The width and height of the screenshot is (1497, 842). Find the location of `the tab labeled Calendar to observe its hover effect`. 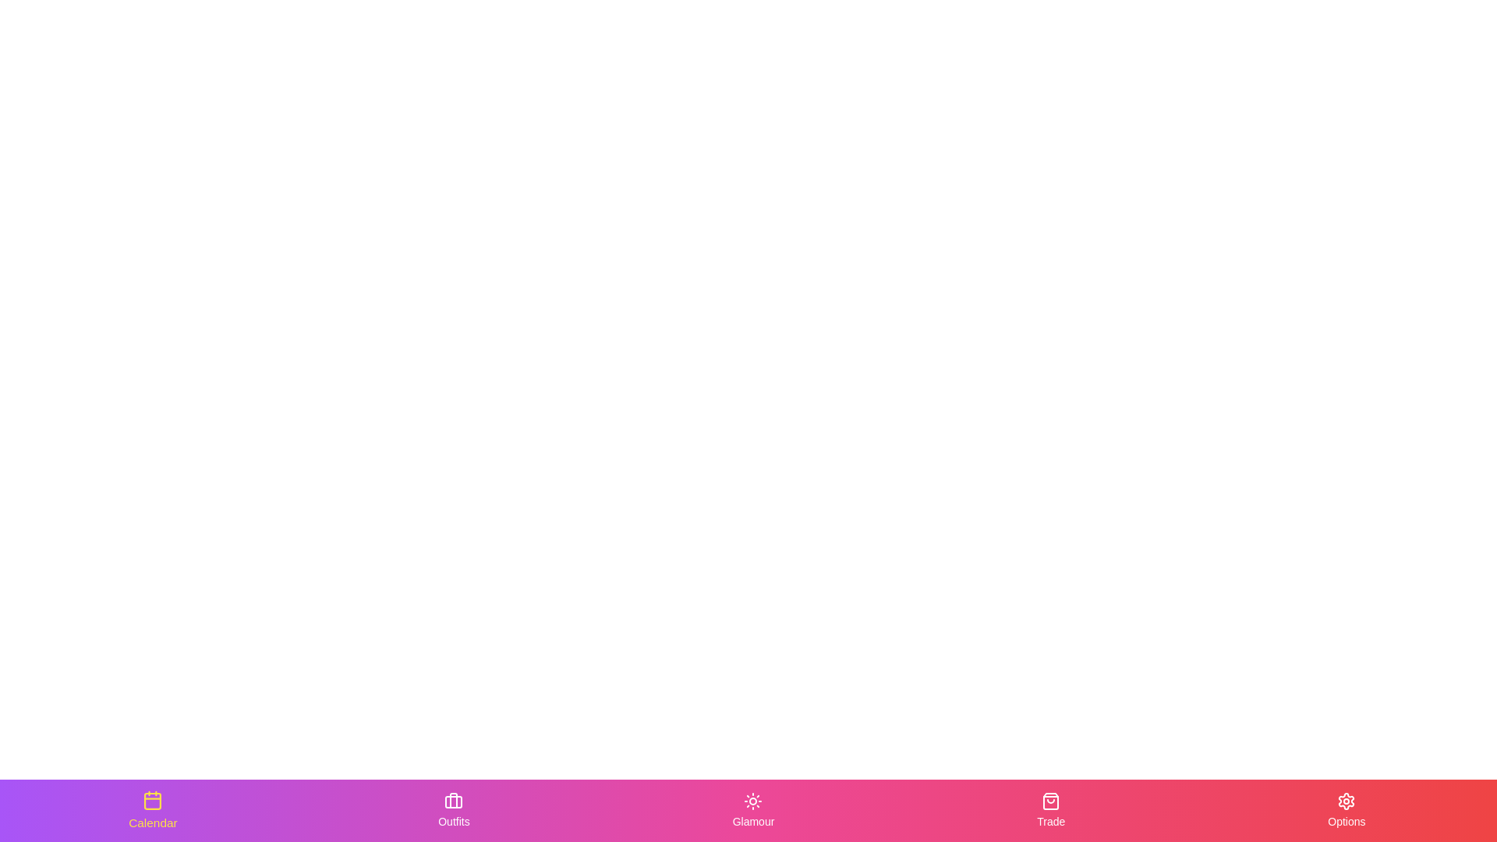

the tab labeled Calendar to observe its hover effect is located at coordinates (153, 810).